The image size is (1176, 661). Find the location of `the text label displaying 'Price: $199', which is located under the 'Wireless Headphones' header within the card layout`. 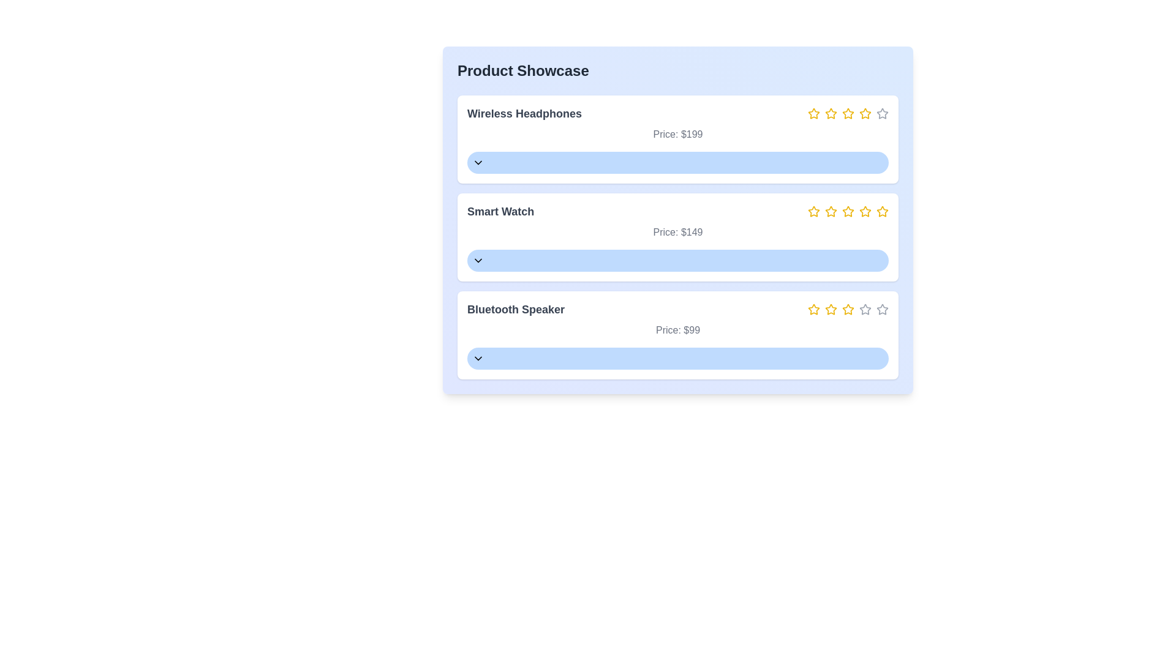

the text label displaying 'Price: $199', which is located under the 'Wireless Headphones' header within the card layout is located at coordinates (677, 134).